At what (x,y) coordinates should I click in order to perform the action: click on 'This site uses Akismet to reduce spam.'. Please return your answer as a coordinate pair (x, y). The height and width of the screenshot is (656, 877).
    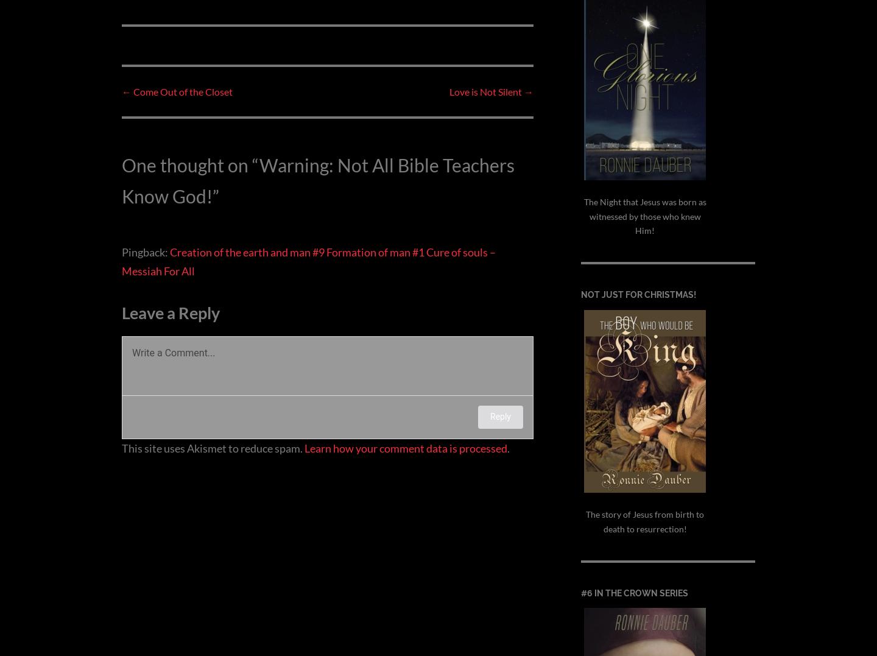
    Looking at the image, I should click on (122, 448).